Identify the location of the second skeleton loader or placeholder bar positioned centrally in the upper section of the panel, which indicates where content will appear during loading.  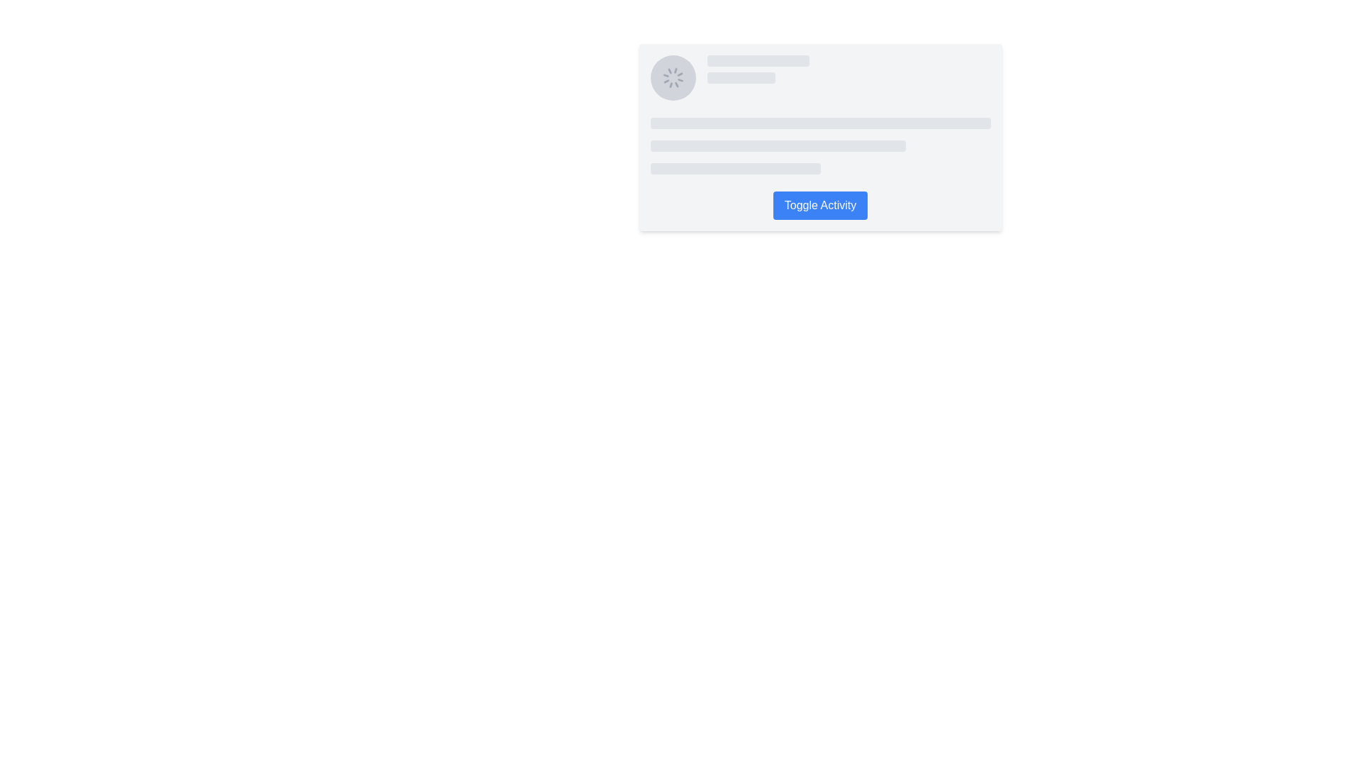
(777, 145).